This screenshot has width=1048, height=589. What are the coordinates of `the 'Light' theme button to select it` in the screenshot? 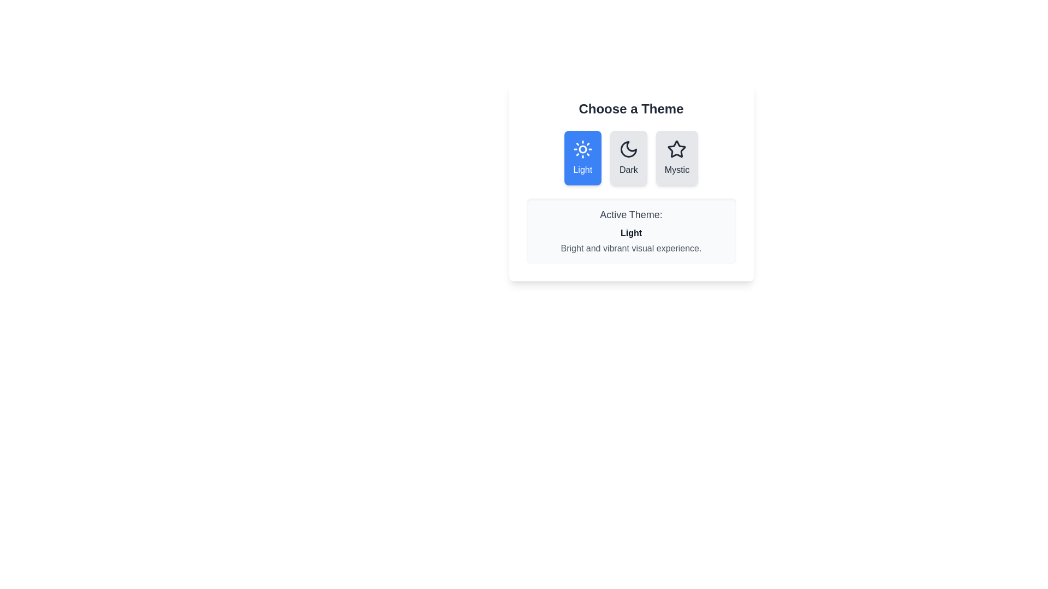 It's located at (582, 158).